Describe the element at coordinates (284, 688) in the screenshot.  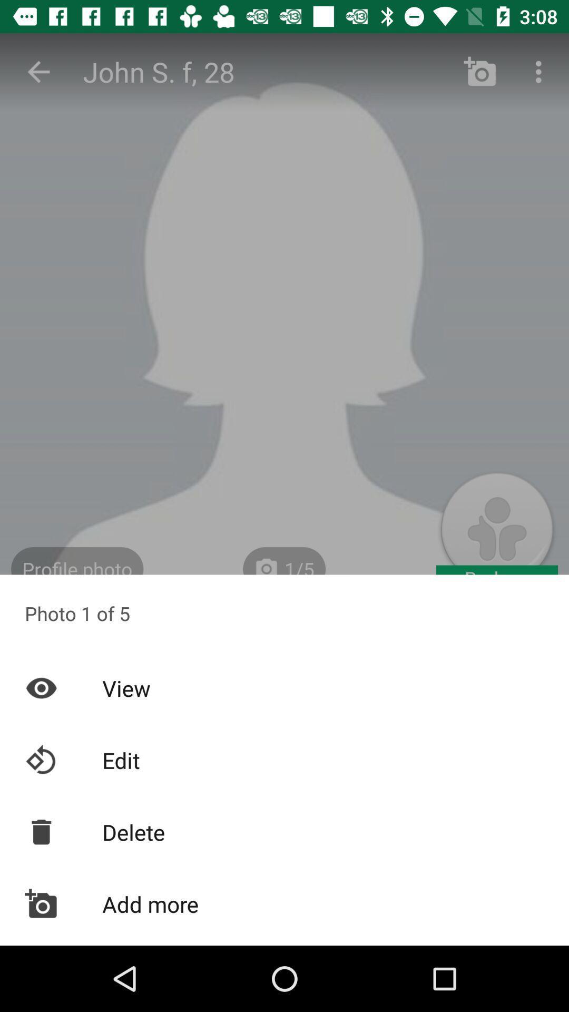
I see `the item below photo 1 of item` at that location.